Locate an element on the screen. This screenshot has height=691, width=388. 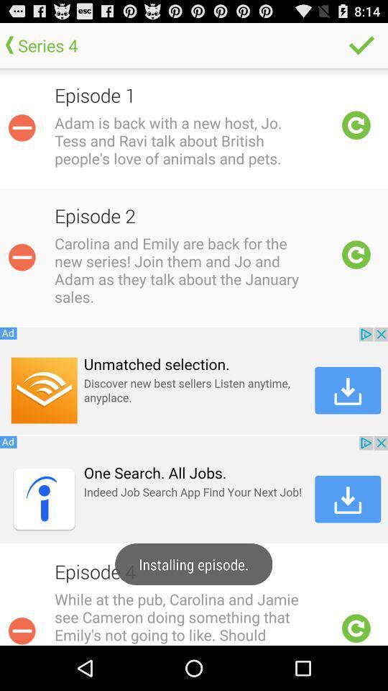
portrait is located at coordinates (356, 255).